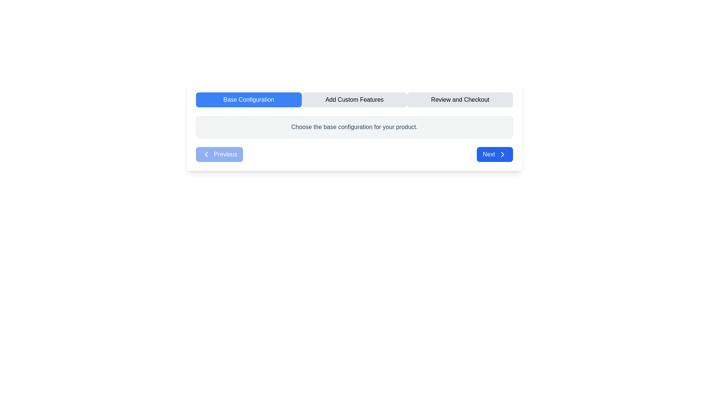 Image resolution: width=718 pixels, height=404 pixels. What do you see at coordinates (503, 154) in the screenshot?
I see `the 'Next' button that contains a directional indicator SVG graphic` at bounding box center [503, 154].